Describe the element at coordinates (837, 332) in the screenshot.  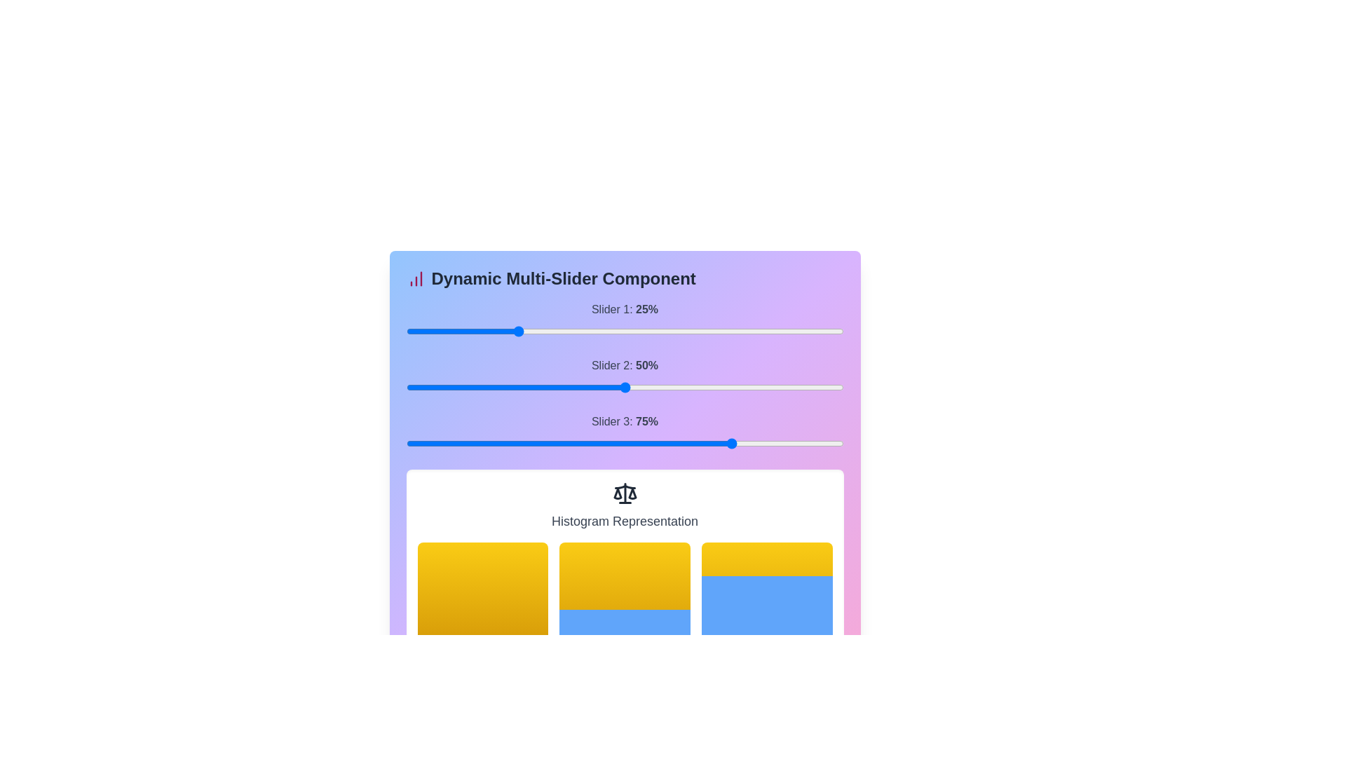
I see `the slider 1 to 97% to observe histogram changes` at that location.